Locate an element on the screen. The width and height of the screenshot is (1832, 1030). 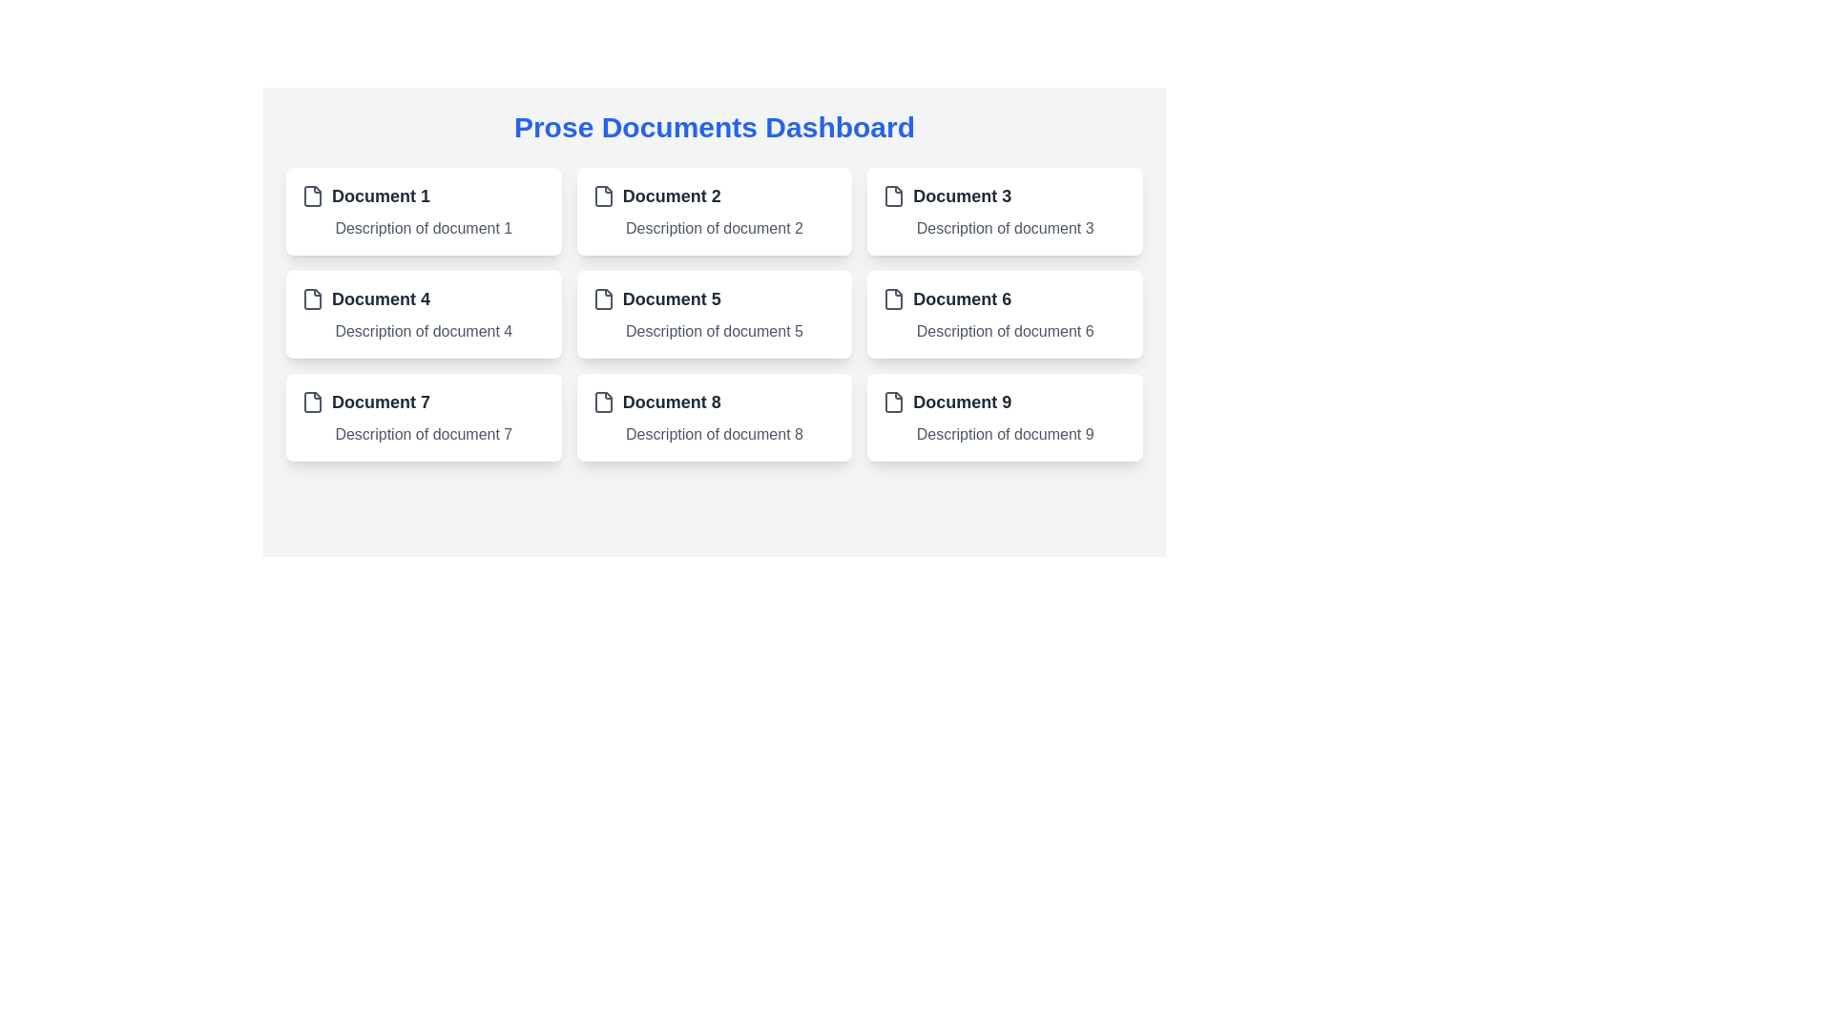
prominently displayed heading text 'Prose Documents Dashboard', which is styled in bold blue font and positioned at the top of the user interface is located at coordinates (713, 128).